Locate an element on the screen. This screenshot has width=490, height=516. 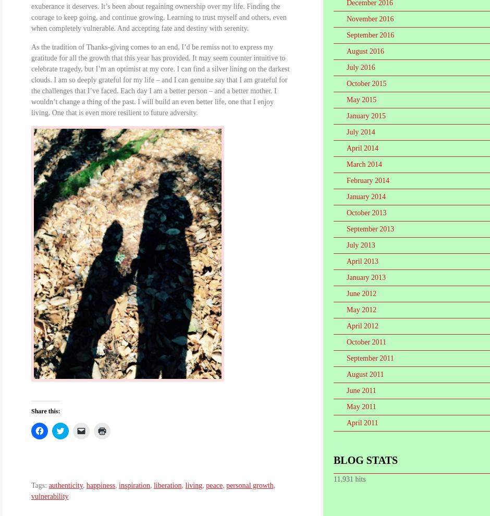
'May 2011' is located at coordinates (360, 407).